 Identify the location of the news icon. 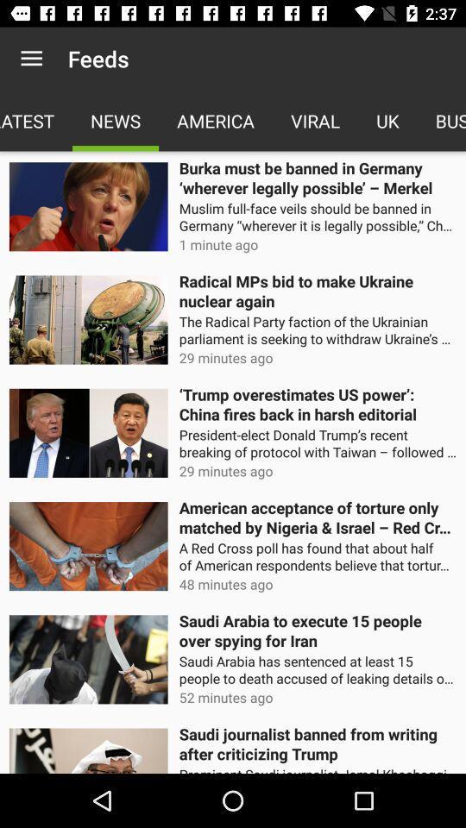
(116, 120).